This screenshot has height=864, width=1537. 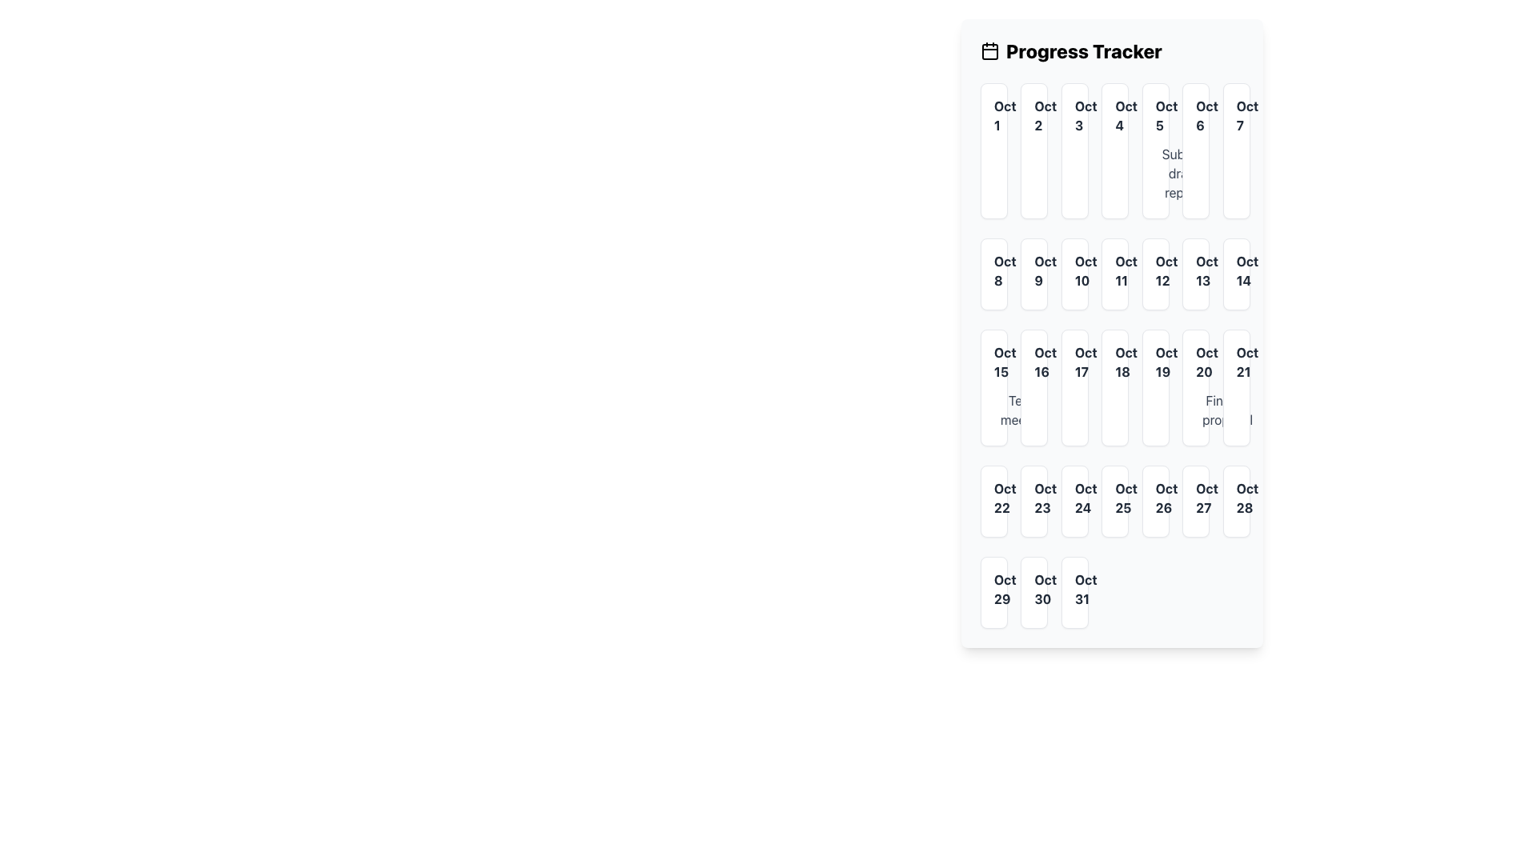 What do you see at coordinates (1114, 151) in the screenshot?
I see `the date block in the top center of the Progress Tracker calendar grid` at bounding box center [1114, 151].